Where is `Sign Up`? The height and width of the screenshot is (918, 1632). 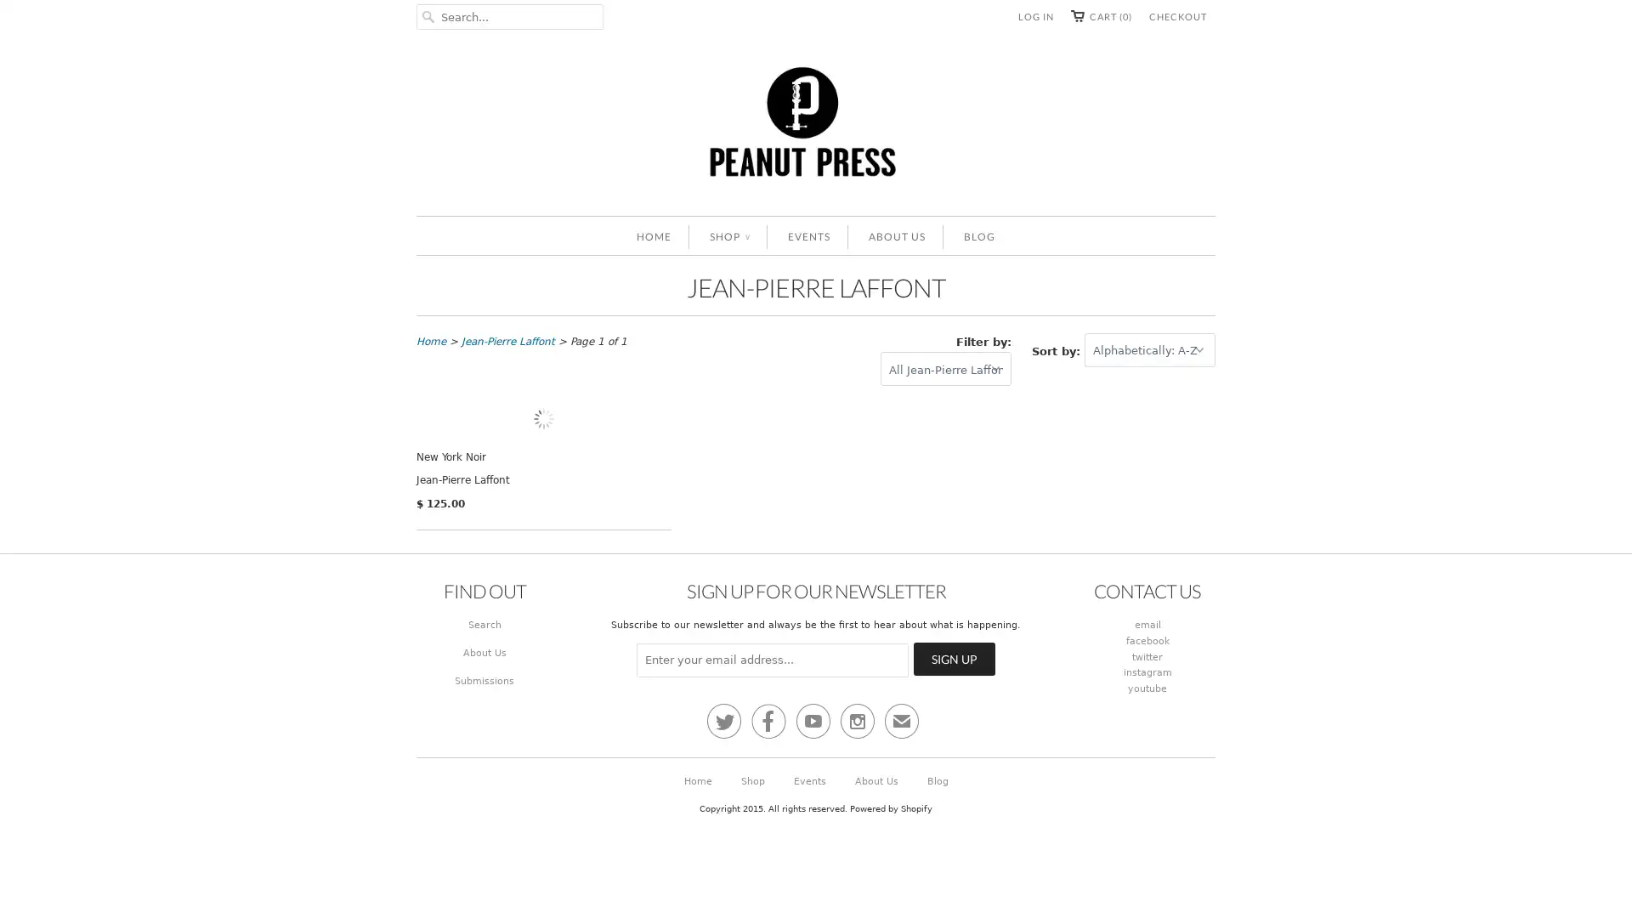 Sign Up is located at coordinates (955, 807).